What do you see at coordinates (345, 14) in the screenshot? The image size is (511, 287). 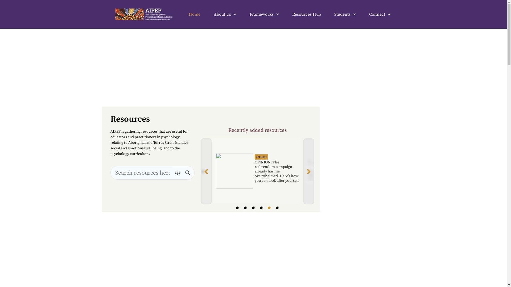 I see `'Students'` at bounding box center [345, 14].